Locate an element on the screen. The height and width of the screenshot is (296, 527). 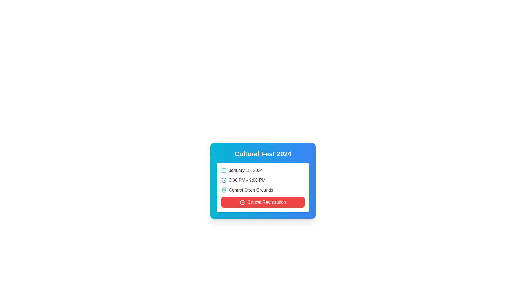
date text displaying 'January 15, 2024' which is styled in dark gray and located to the right of a calendar icon within the event details section is located at coordinates (245, 170).